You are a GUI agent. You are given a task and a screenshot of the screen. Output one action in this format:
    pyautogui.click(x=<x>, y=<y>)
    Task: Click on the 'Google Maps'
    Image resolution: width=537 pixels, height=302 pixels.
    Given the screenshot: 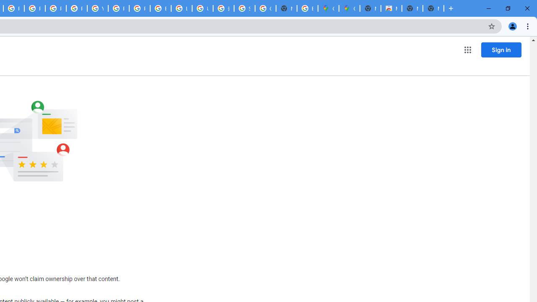 What is the action you would take?
    pyautogui.click(x=328, y=8)
    